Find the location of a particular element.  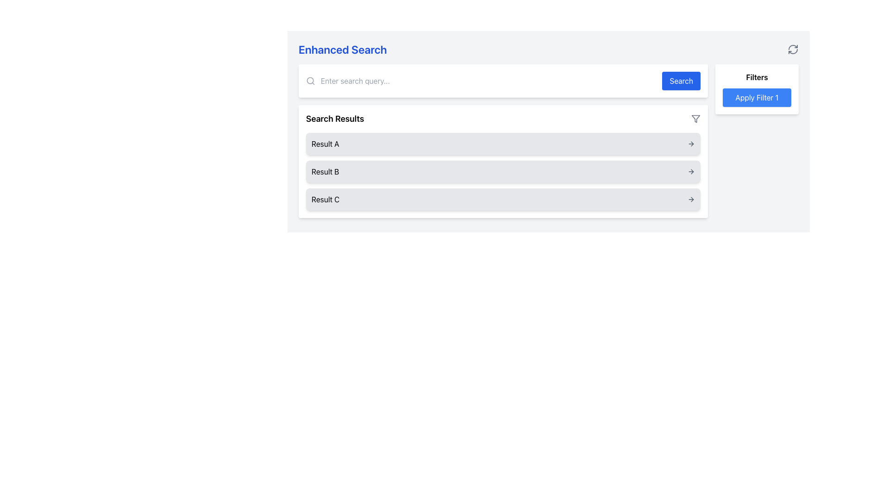

the first item in the search results list labeled 'Result A' is located at coordinates (502, 144).